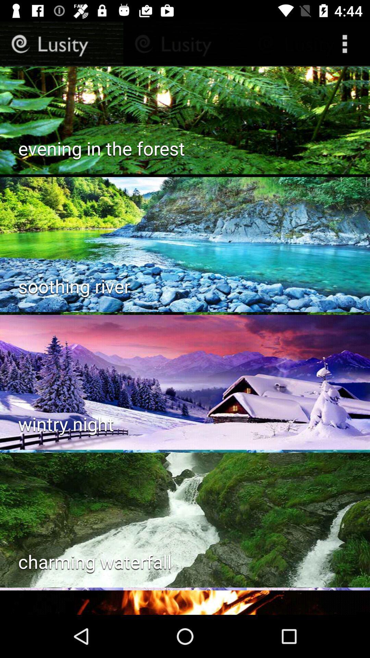 Image resolution: width=370 pixels, height=658 pixels. I want to click on the more icon, so click(345, 44).